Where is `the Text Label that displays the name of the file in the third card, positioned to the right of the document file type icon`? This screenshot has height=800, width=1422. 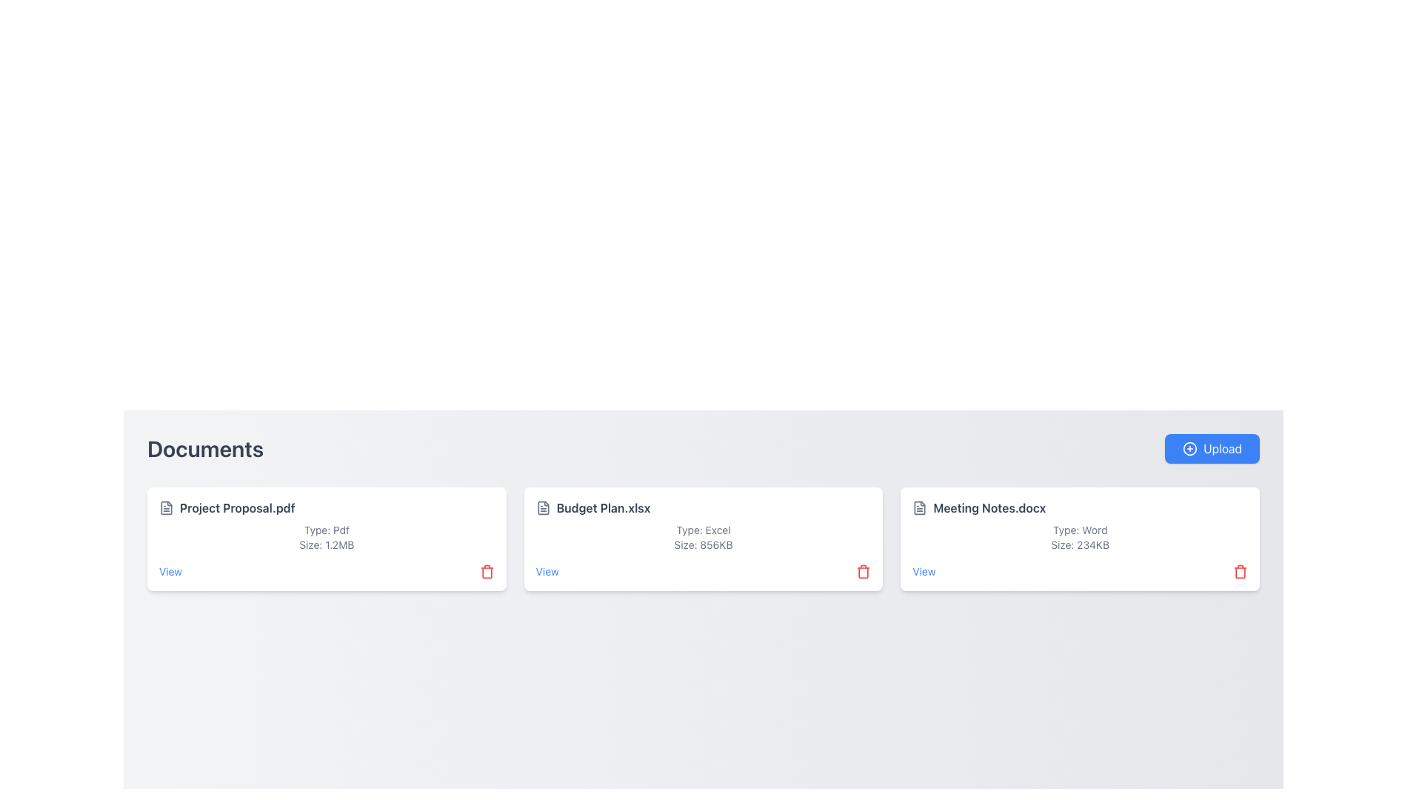 the Text Label that displays the name of the file in the third card, positioned to the right of the document file type icon is located at coordinates (989, 507).